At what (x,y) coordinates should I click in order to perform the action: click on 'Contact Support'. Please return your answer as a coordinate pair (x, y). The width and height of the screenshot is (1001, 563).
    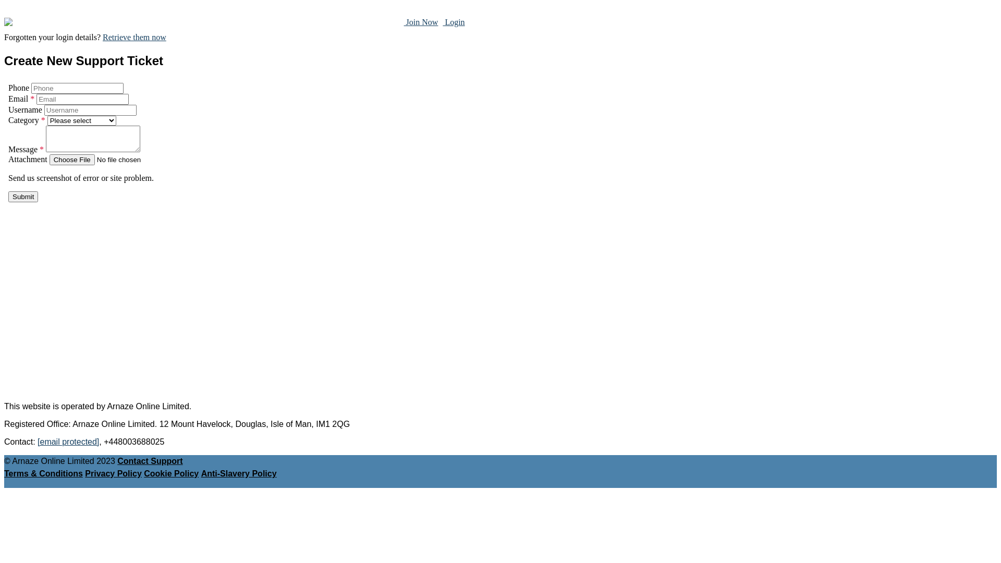
    Looking at the image, I should click on (149, 460).